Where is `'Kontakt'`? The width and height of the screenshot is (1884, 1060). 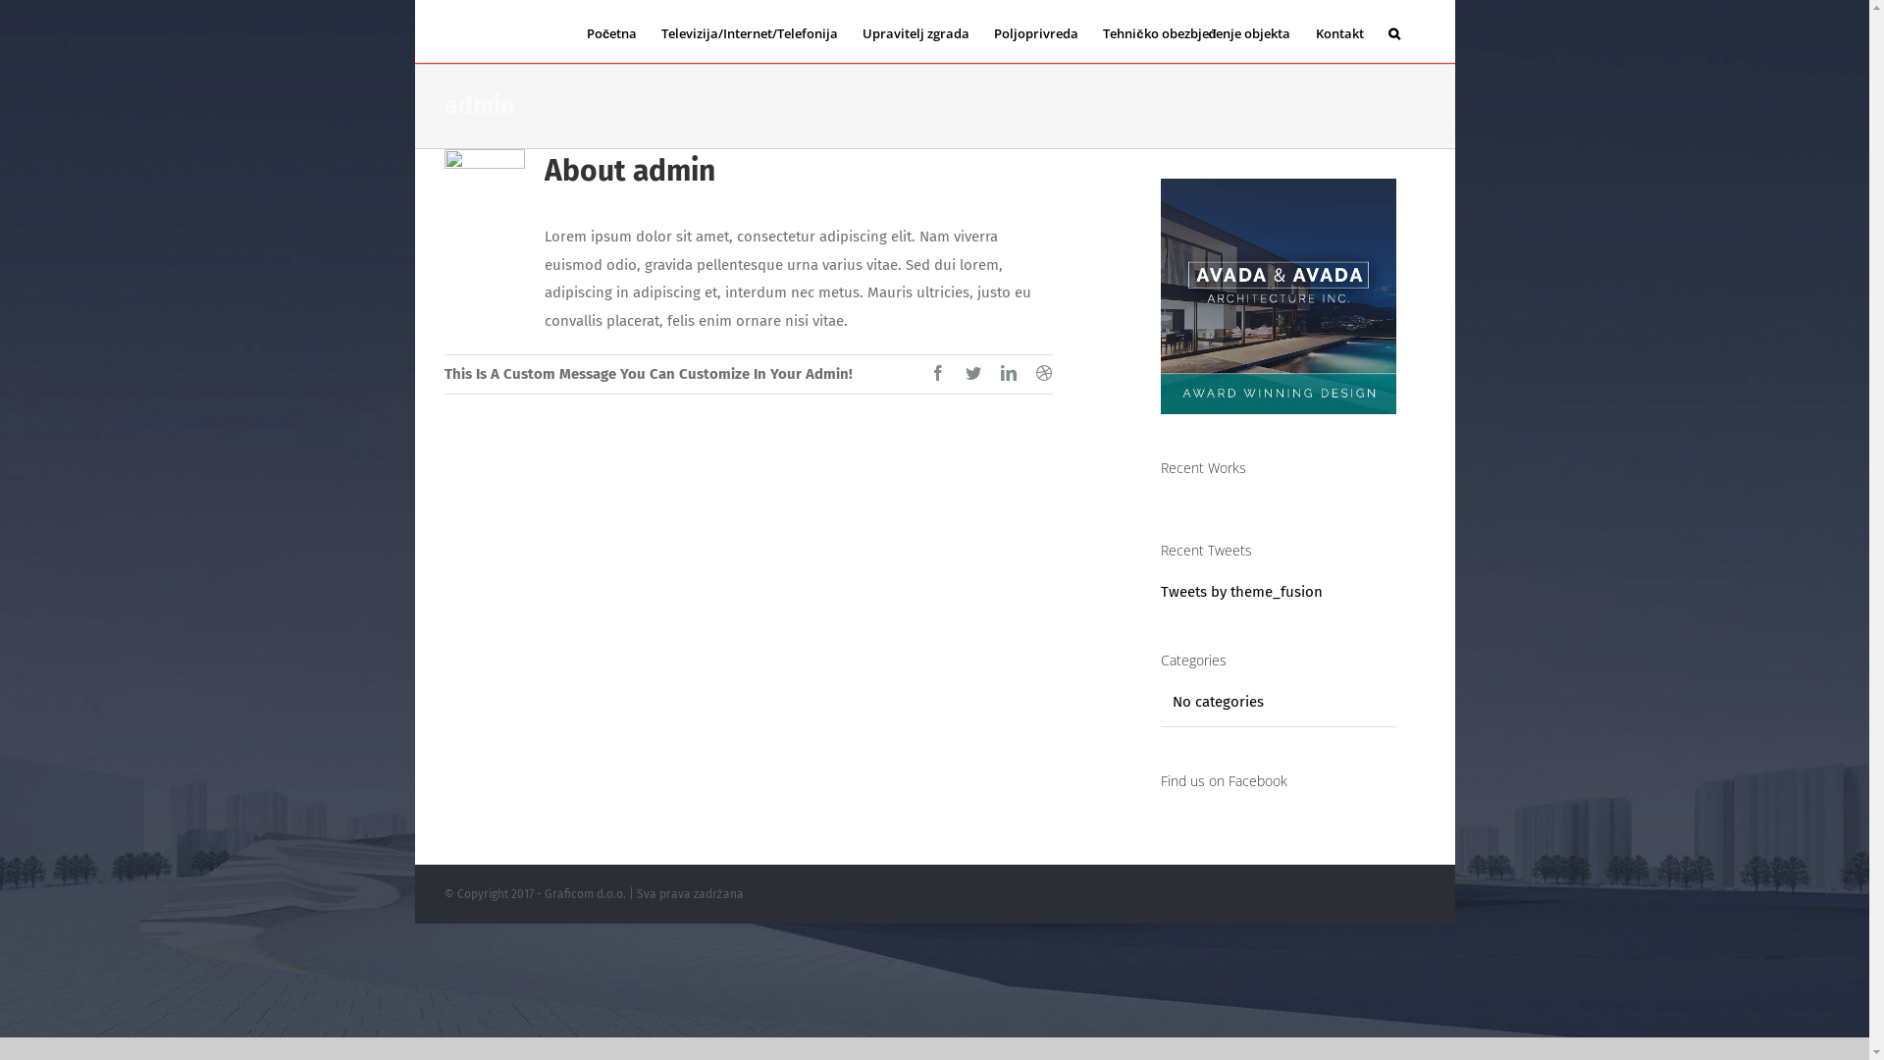
'Kontakt' is located at coordinates (1337, 30).